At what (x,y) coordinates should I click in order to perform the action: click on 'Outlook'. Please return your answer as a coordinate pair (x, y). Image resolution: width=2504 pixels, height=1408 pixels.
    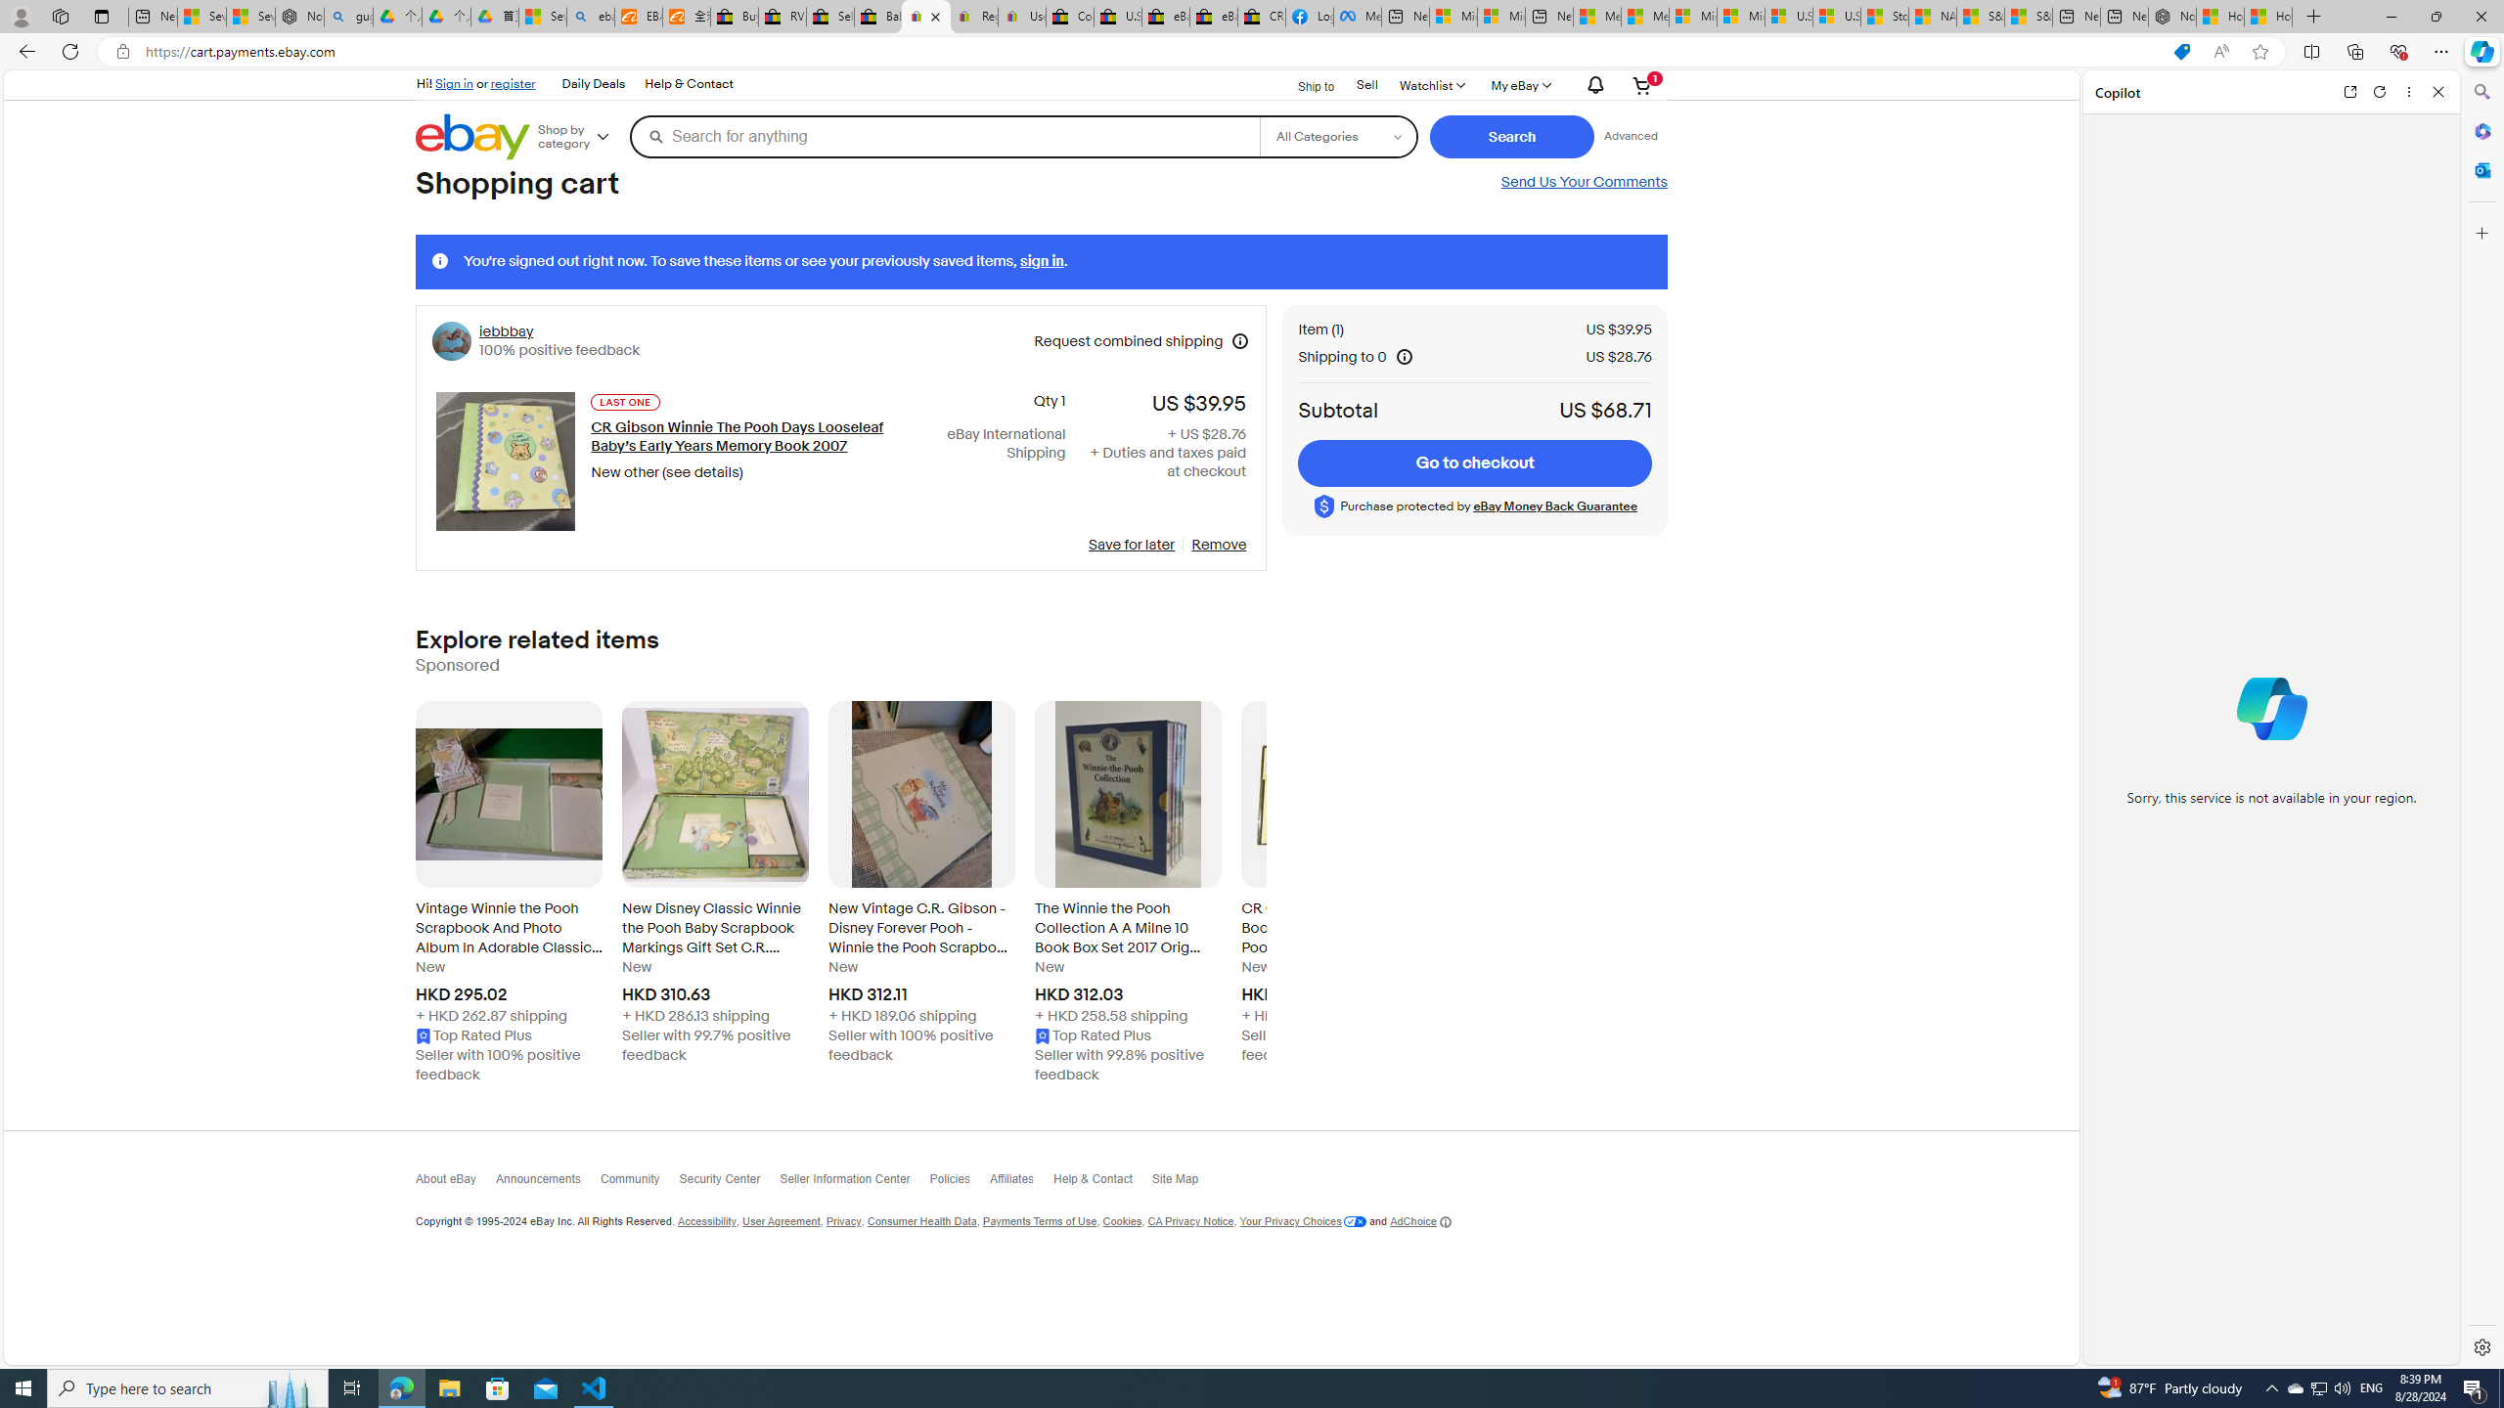
    Looking at the image, I should click on (2480, 168).